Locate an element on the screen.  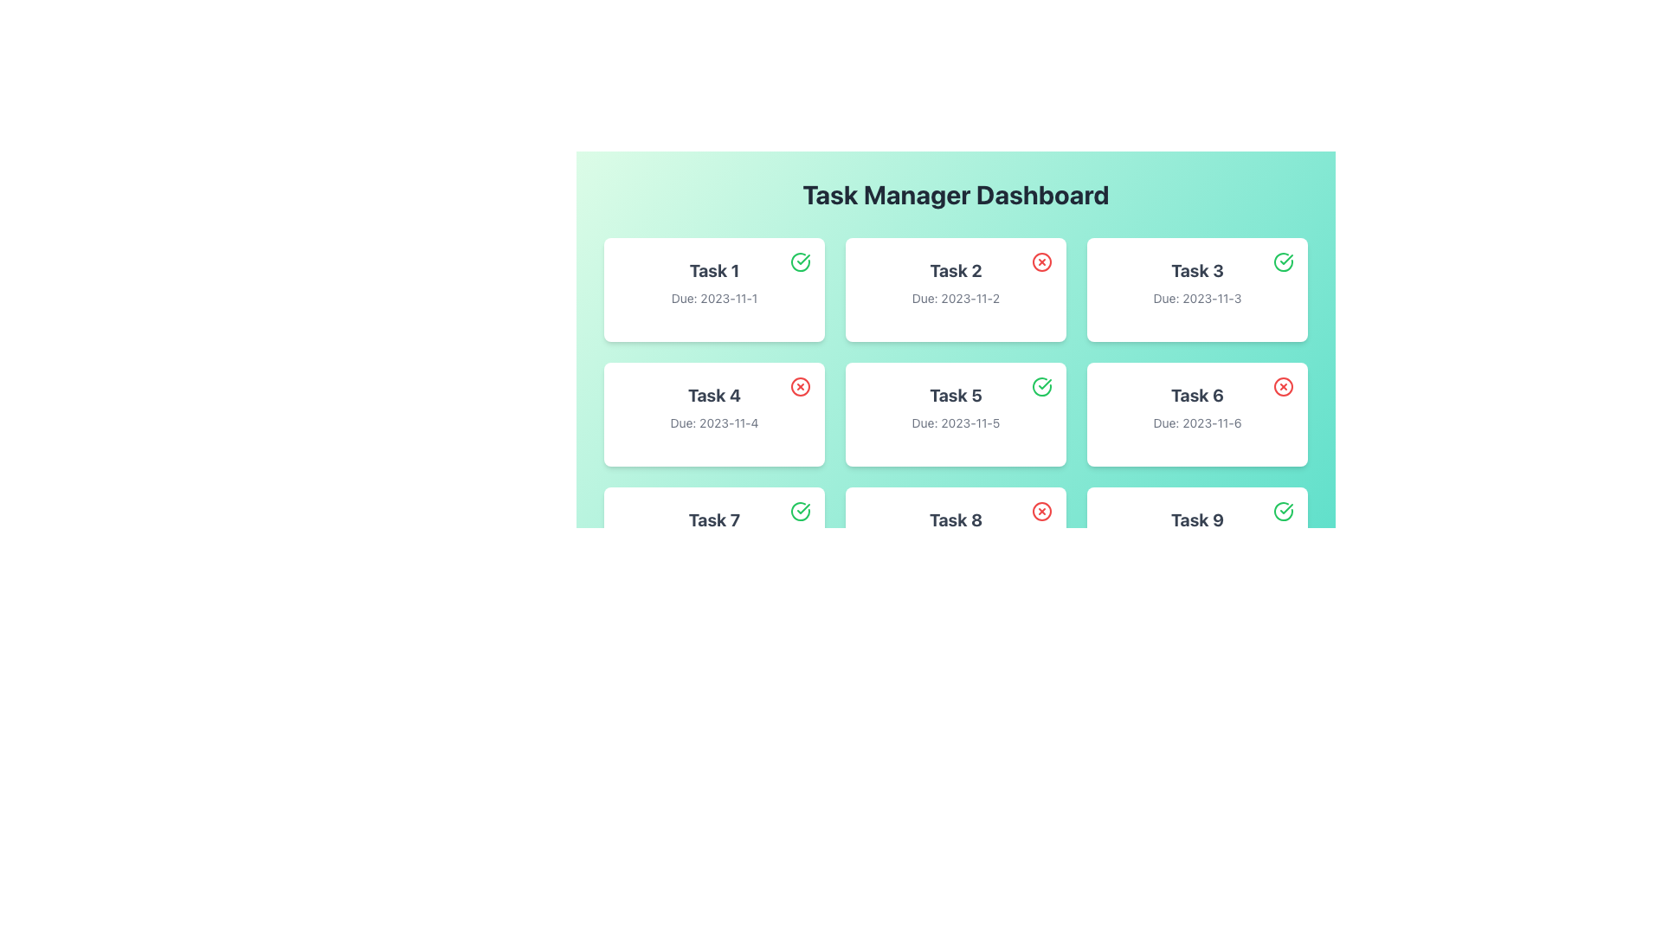
the text label displaying 'Task 1', which is styled as a bold heading within a white card in the upper-left region of a 3x3 grid layout is located at coordinates (714, 270).